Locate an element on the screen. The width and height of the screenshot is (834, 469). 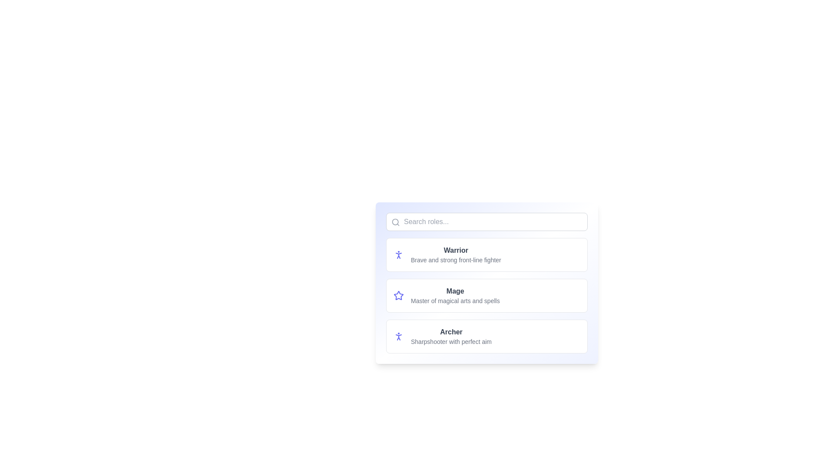
the magnifying glass icon, which is a circular element indicating search functionality, located to the left of the search input box is located at coordinates (395, 221).